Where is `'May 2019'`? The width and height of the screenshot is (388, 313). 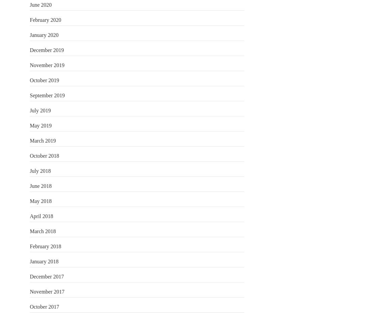 'May 2019' is located at coordinates (40, 125).